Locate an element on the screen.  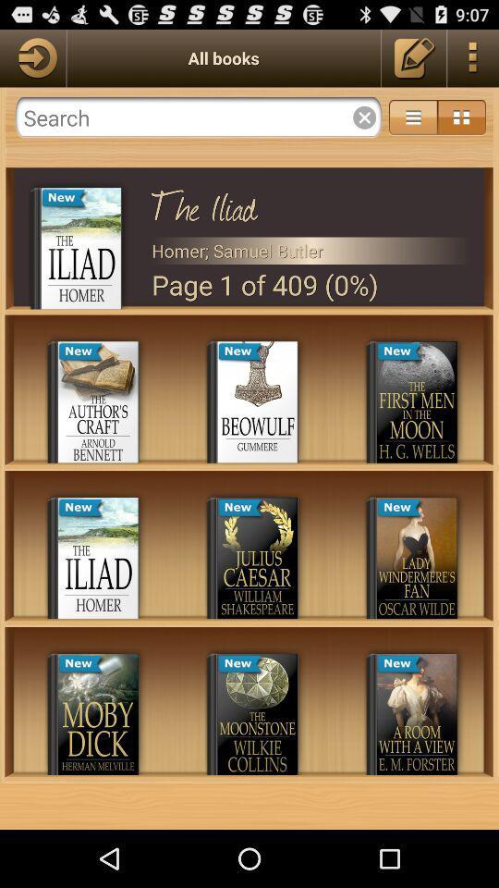
the iliad icon is located at coordinates (310, 203).